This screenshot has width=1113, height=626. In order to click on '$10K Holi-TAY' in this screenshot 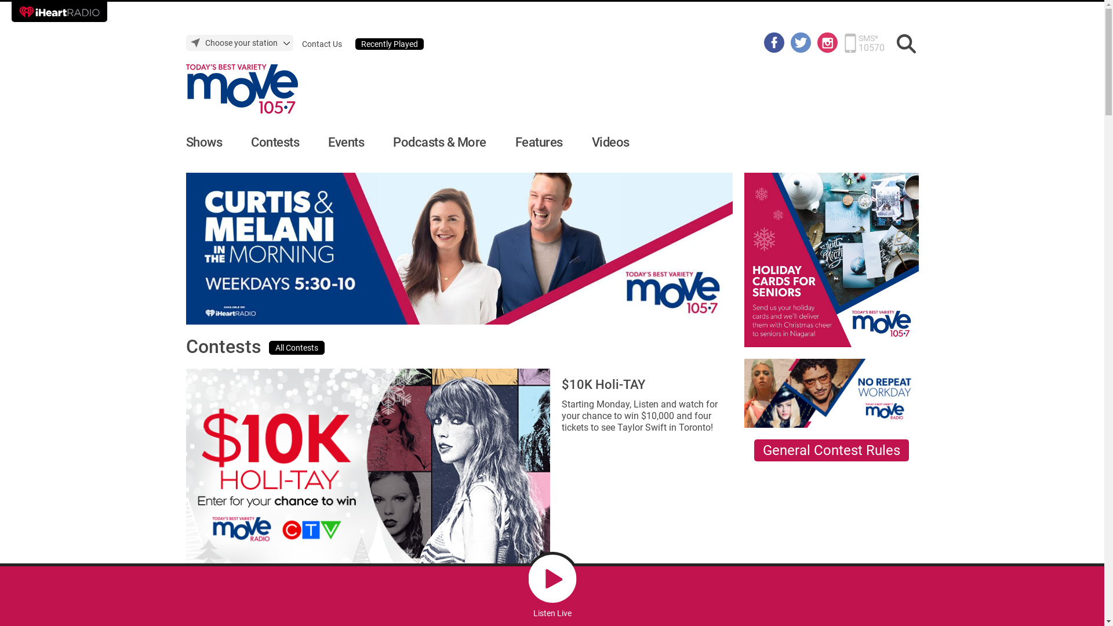, I will do `click(603, 384)`.